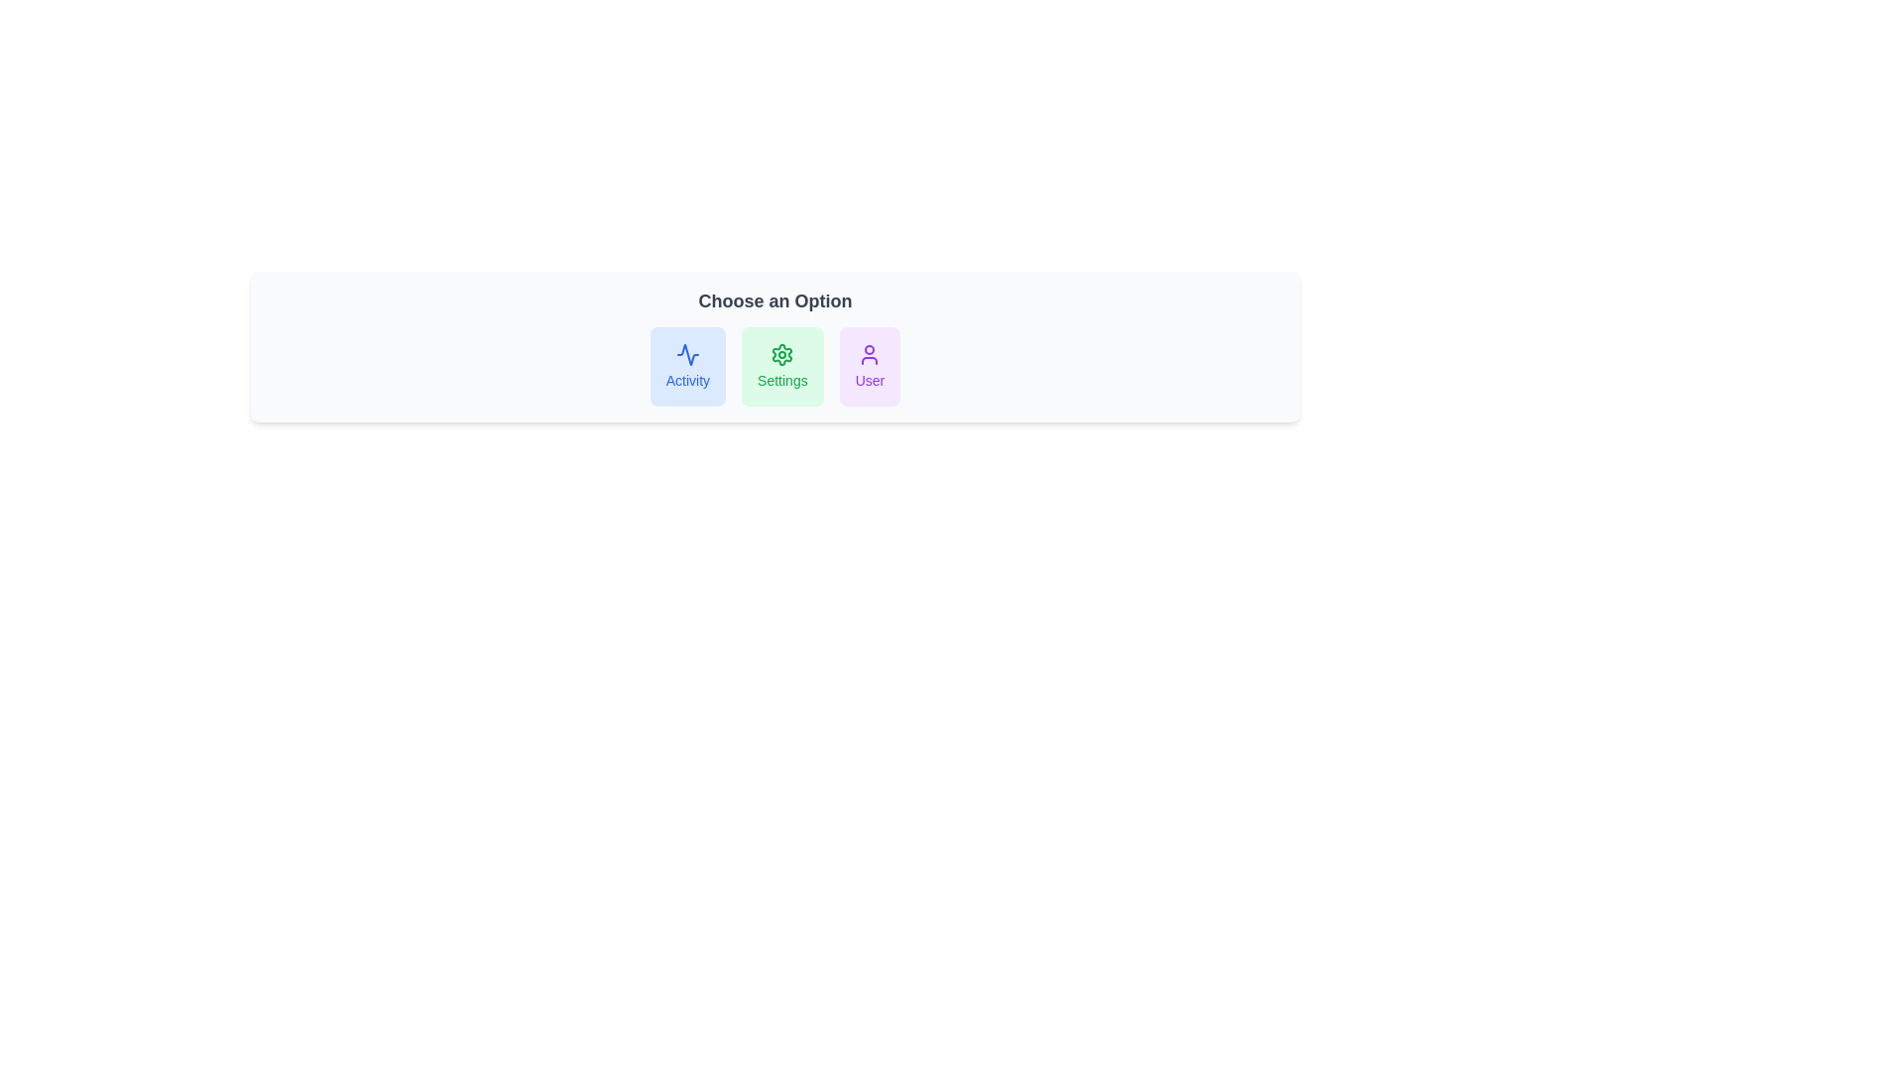  What do you see at coordinates (687, 354) in the screenshot?
I see `the 'Activity' button, which contains the SVG Icon representing the 'Activity' option` at bounding box center [687, 354].